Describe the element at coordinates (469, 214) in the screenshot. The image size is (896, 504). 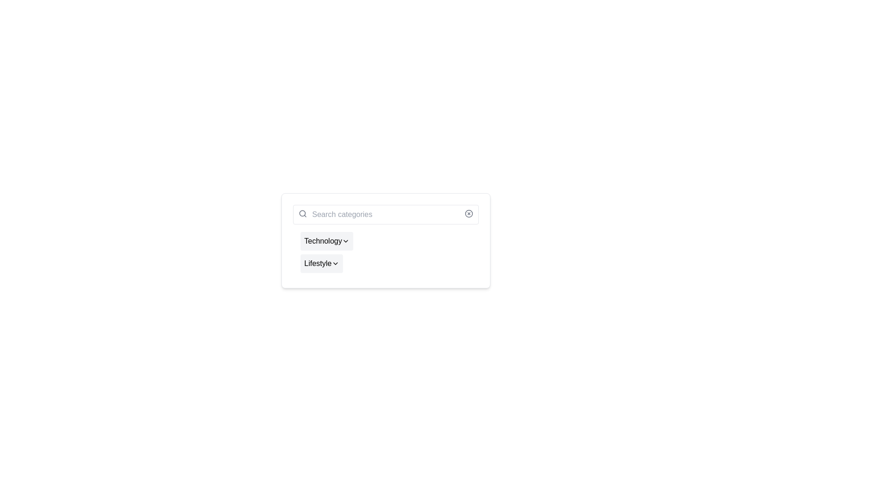
I see `the circular element representing the close/reset button in the search bar, which provides a cue for clearing the search input` at that location.